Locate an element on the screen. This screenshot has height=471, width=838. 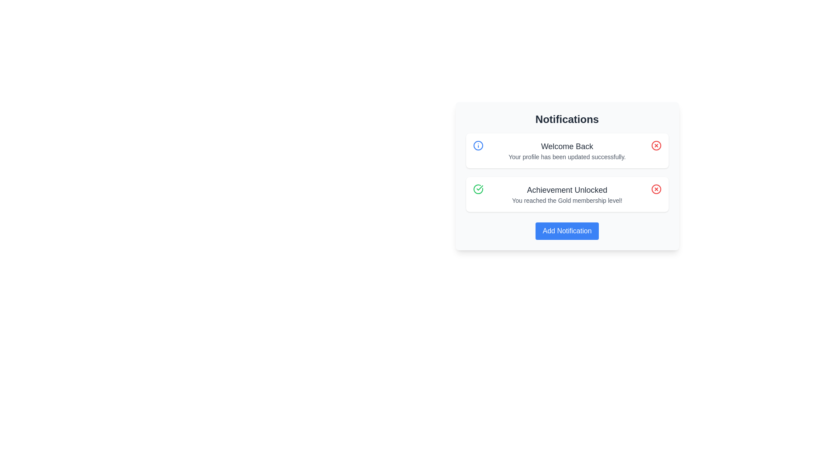
the circular red outlined button with an 'X' symbol to change its color to a darker red is located at coordinates (656, 145).